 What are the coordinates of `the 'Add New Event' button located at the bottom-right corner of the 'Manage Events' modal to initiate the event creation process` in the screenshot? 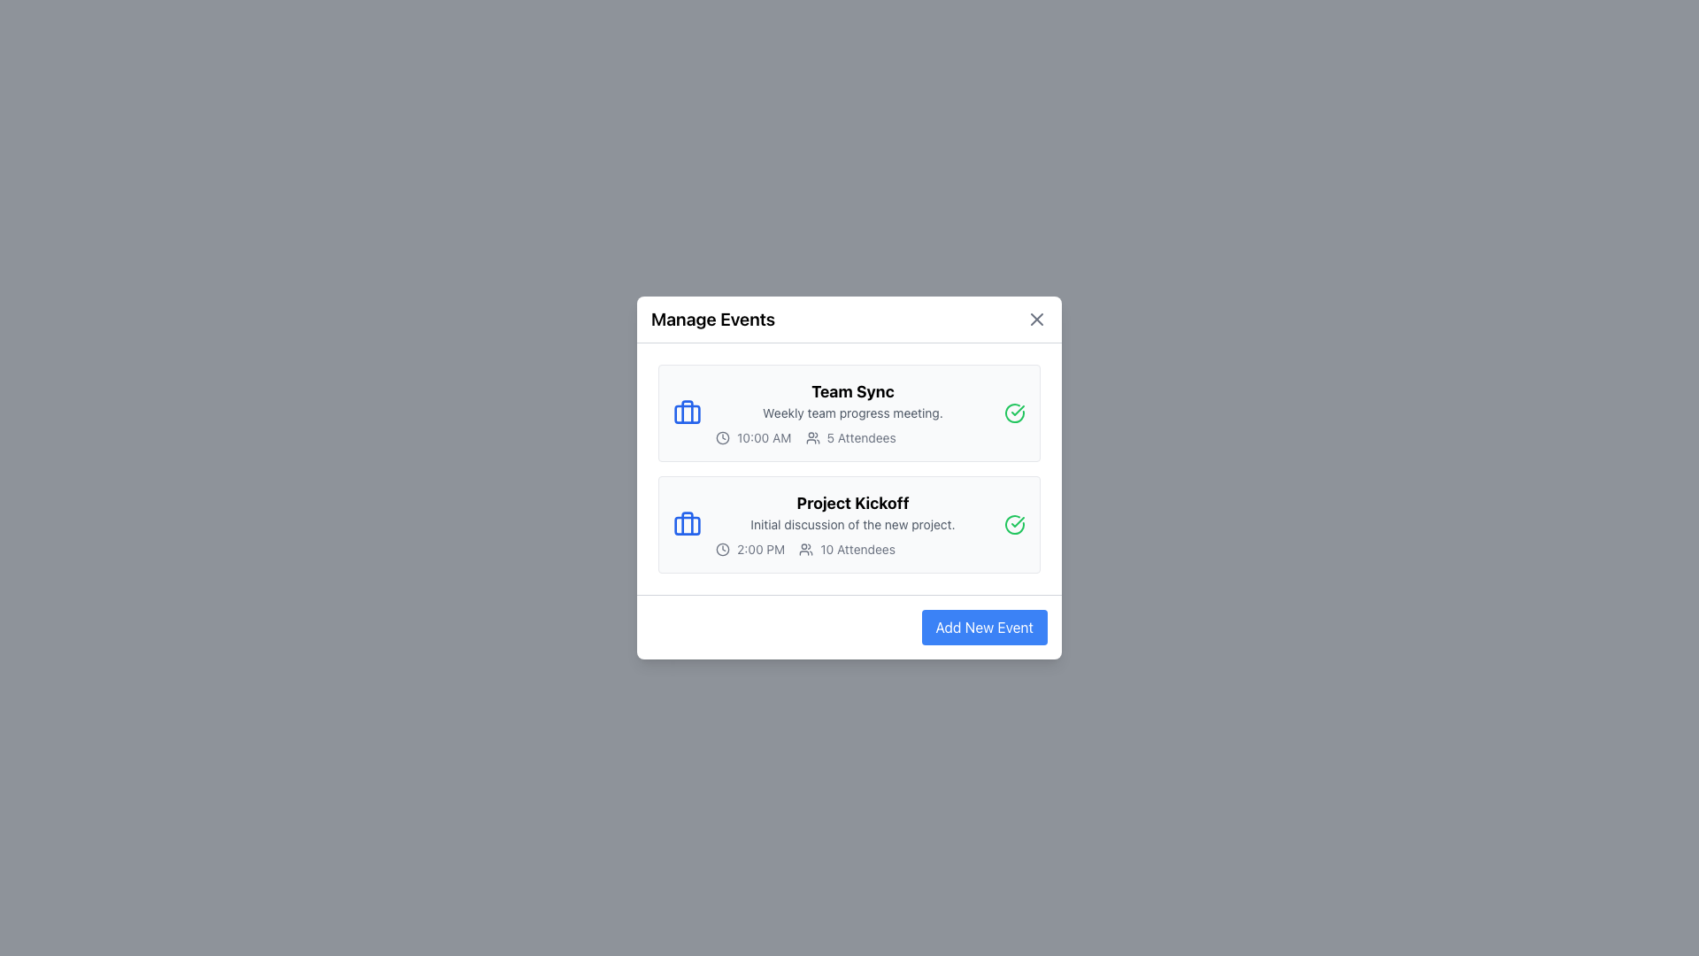 It's located at (983, 627).